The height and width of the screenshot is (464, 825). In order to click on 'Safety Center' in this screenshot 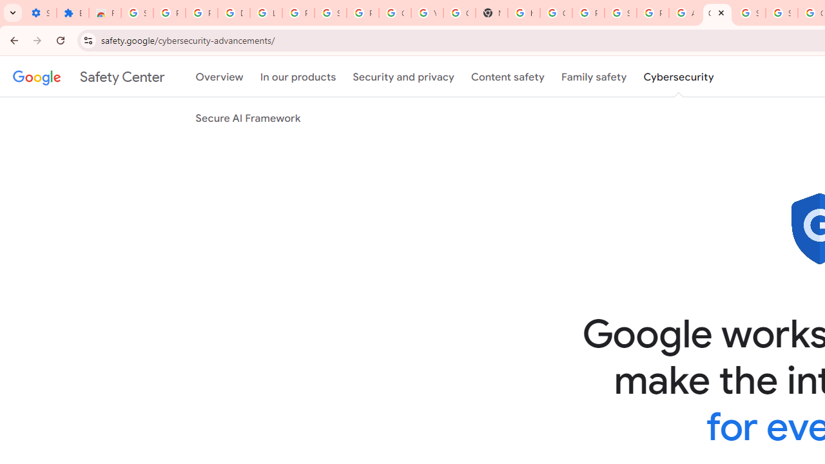, I will do `click(88, 77)`.